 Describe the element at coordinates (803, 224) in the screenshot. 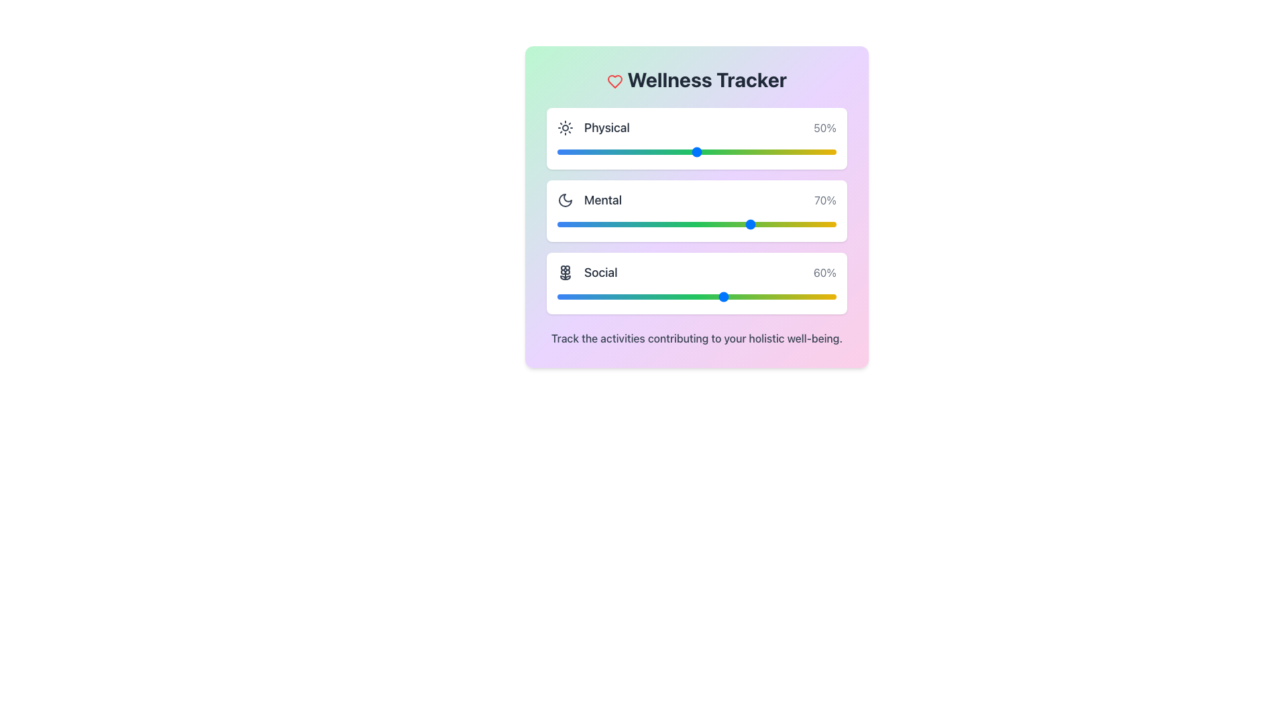

I see `the slider` at that location.